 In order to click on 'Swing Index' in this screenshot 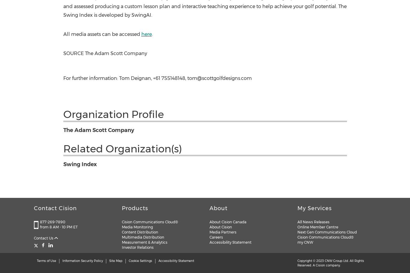, I will do `click(80, 164)`.